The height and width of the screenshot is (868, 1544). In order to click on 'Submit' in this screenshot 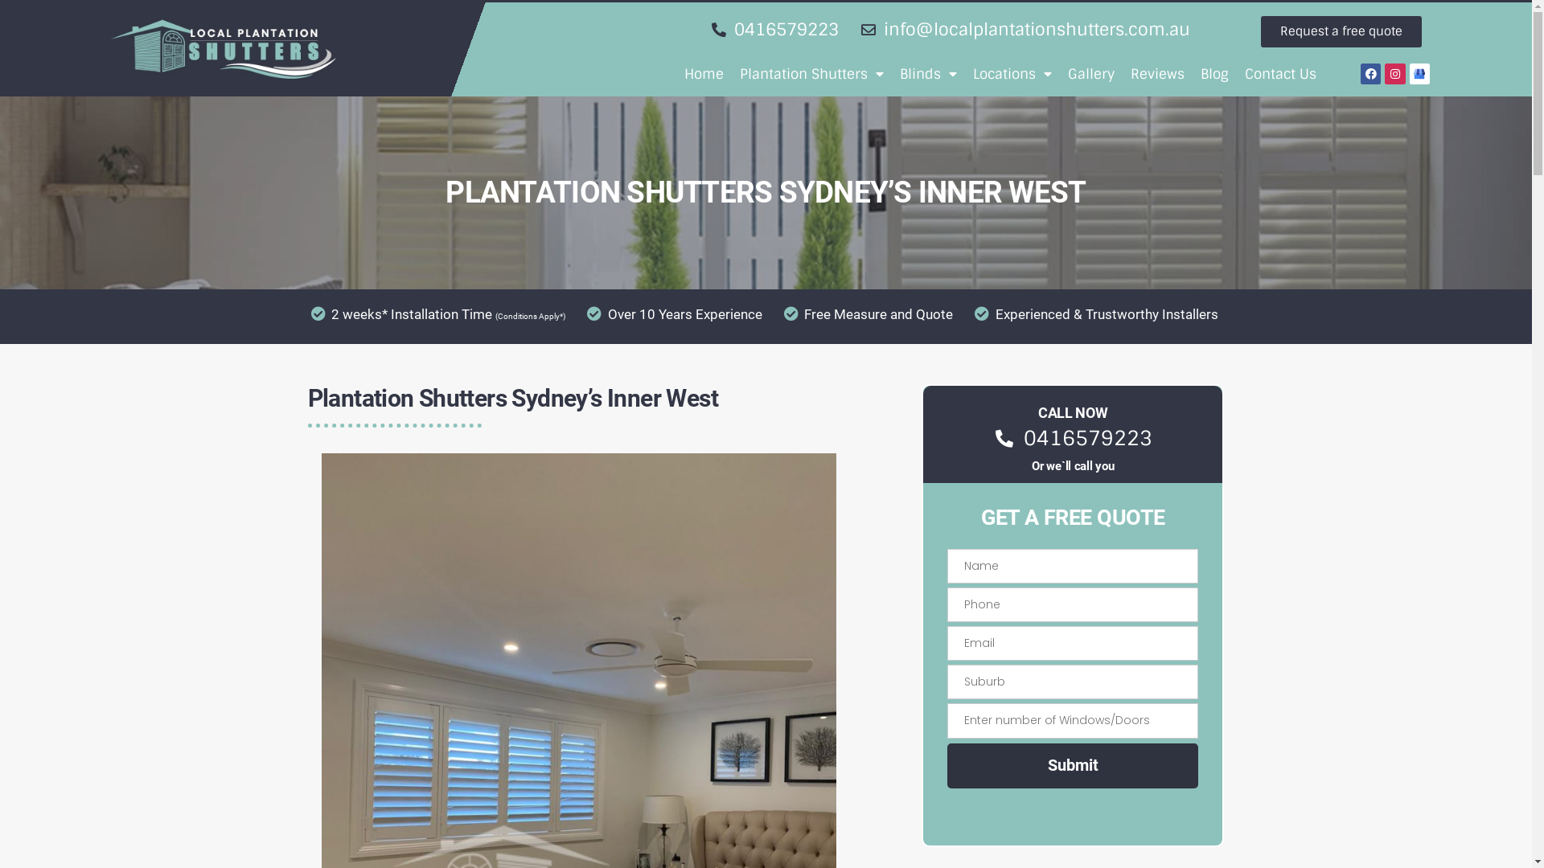, I will do `click(1073, 765)`.